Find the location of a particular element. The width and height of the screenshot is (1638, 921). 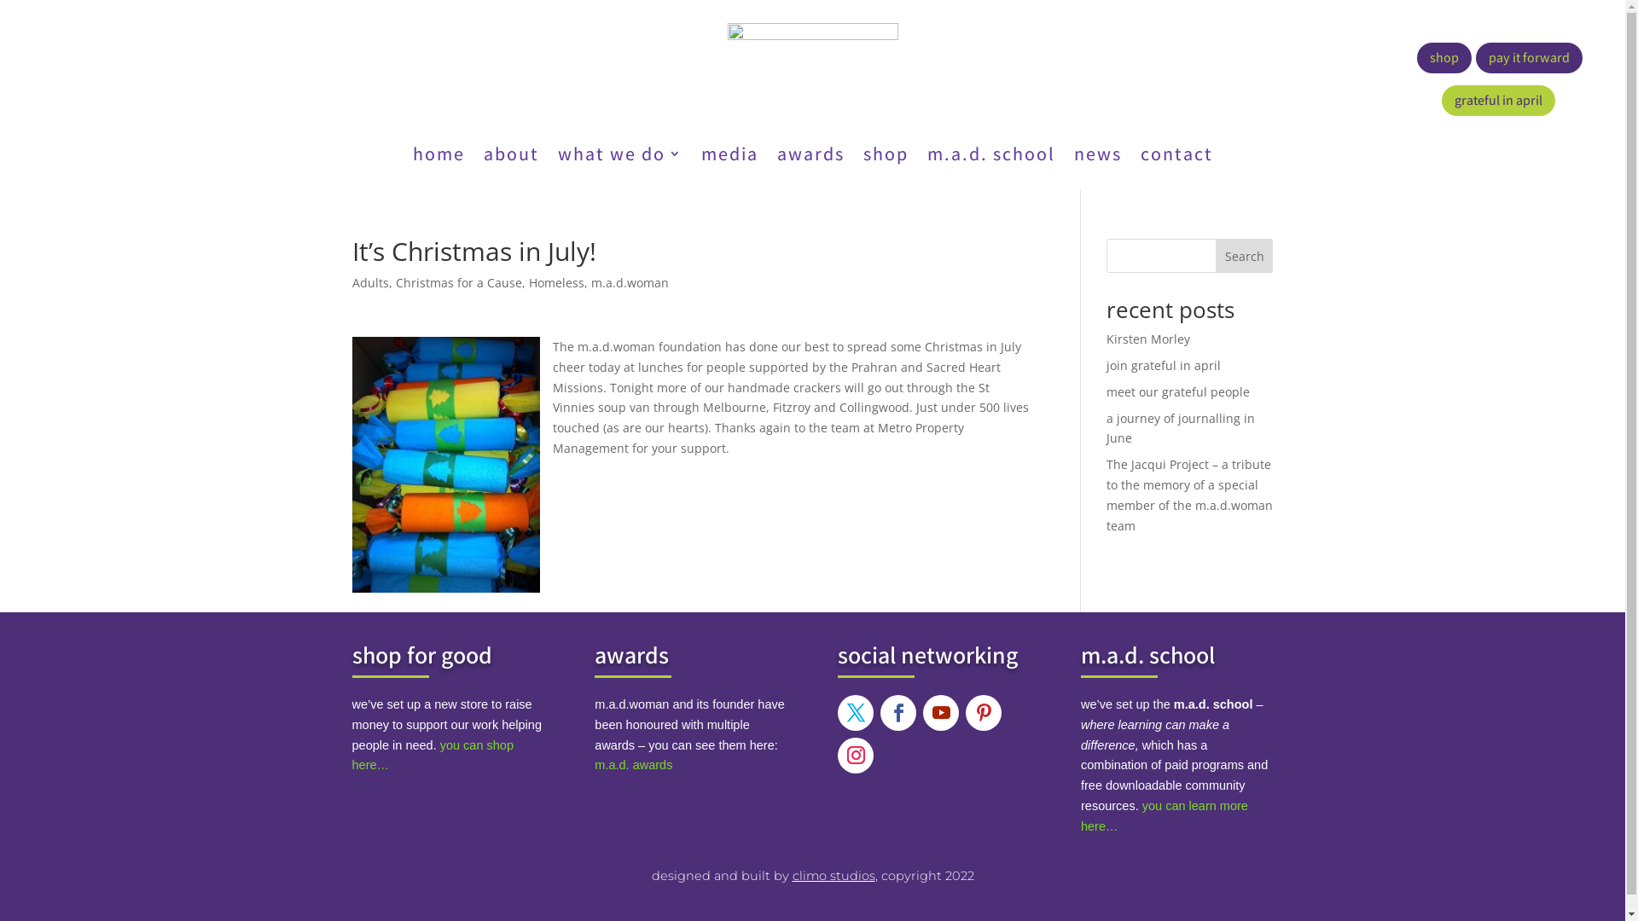

'media' is located at coordinates (729, 157).